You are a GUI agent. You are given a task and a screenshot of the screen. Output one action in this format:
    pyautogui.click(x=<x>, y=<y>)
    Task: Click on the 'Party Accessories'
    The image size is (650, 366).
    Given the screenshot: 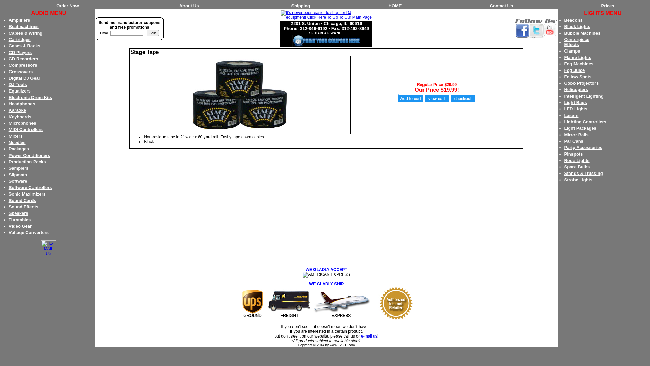 What is the action you would take?
    pyautogui.click(x=583, y=147)
    